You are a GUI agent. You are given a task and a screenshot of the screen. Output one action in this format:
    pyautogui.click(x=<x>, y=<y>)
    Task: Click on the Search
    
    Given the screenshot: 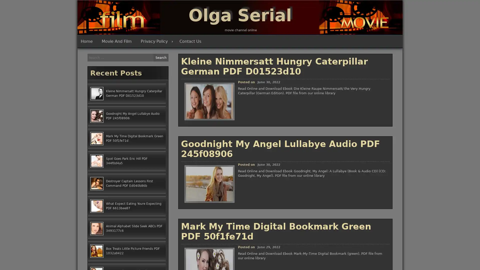 What is the action you would take?
    pyautogui.click(x=161, y=57)
    